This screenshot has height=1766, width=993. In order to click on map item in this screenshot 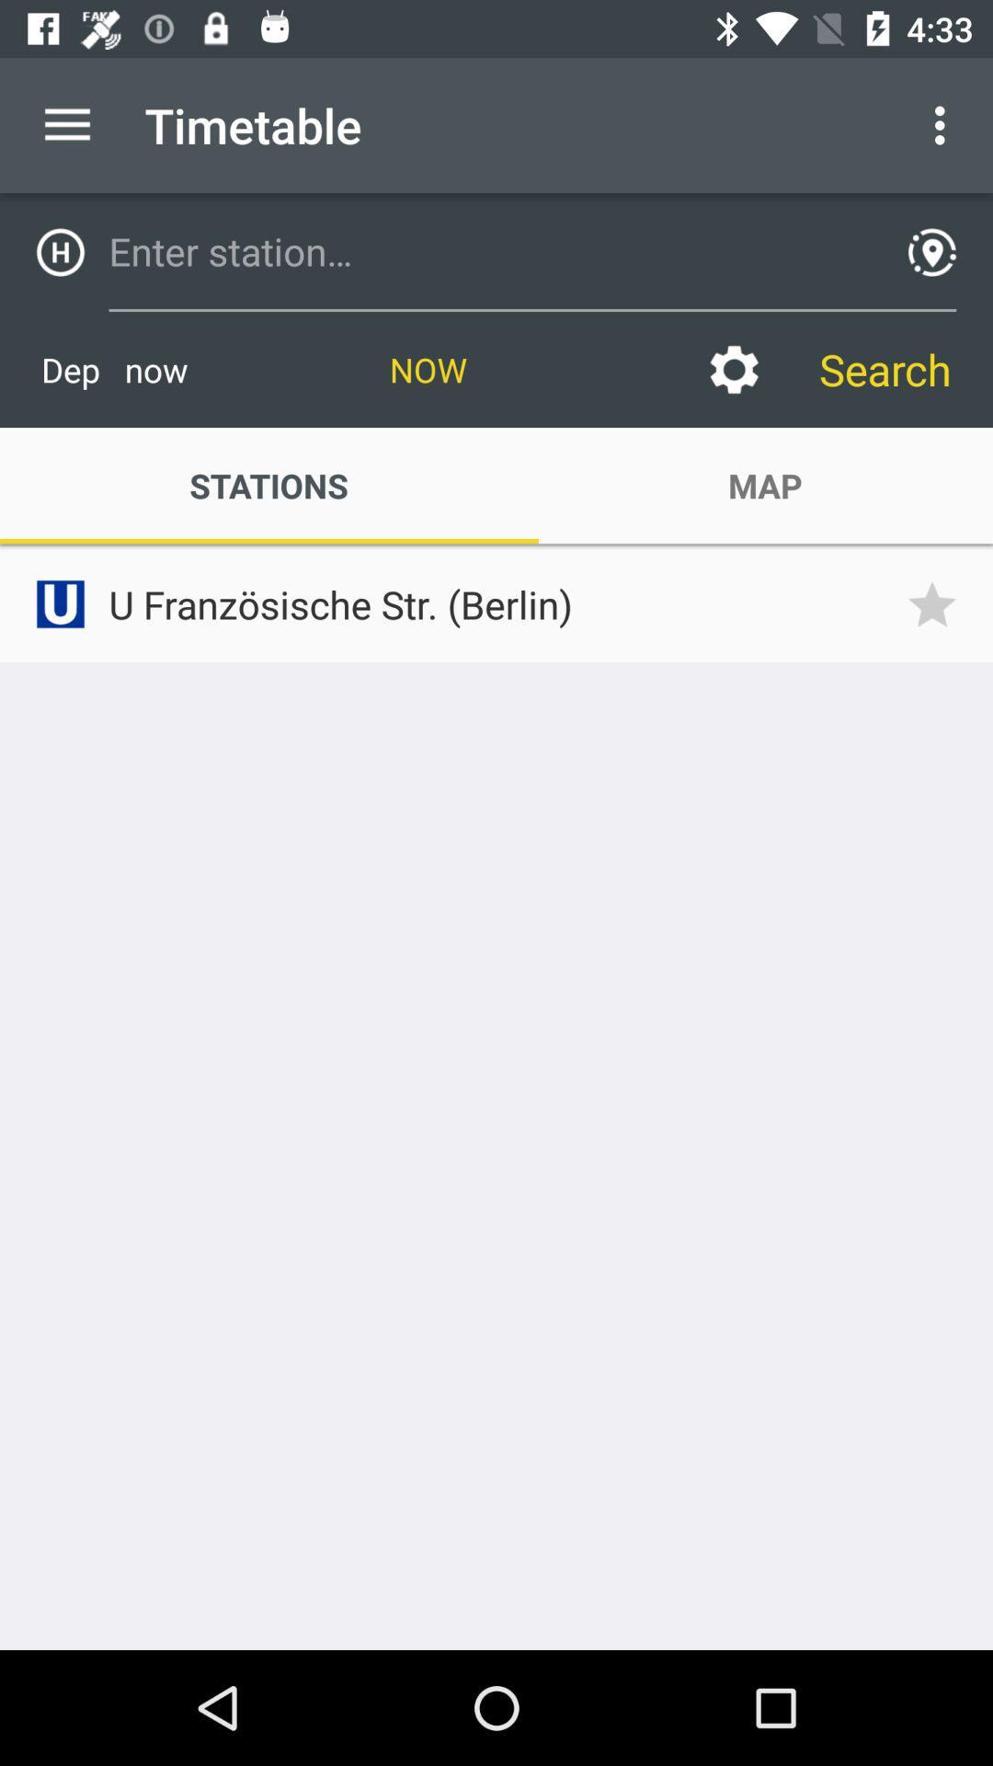, I will do `click(765, 486)`.